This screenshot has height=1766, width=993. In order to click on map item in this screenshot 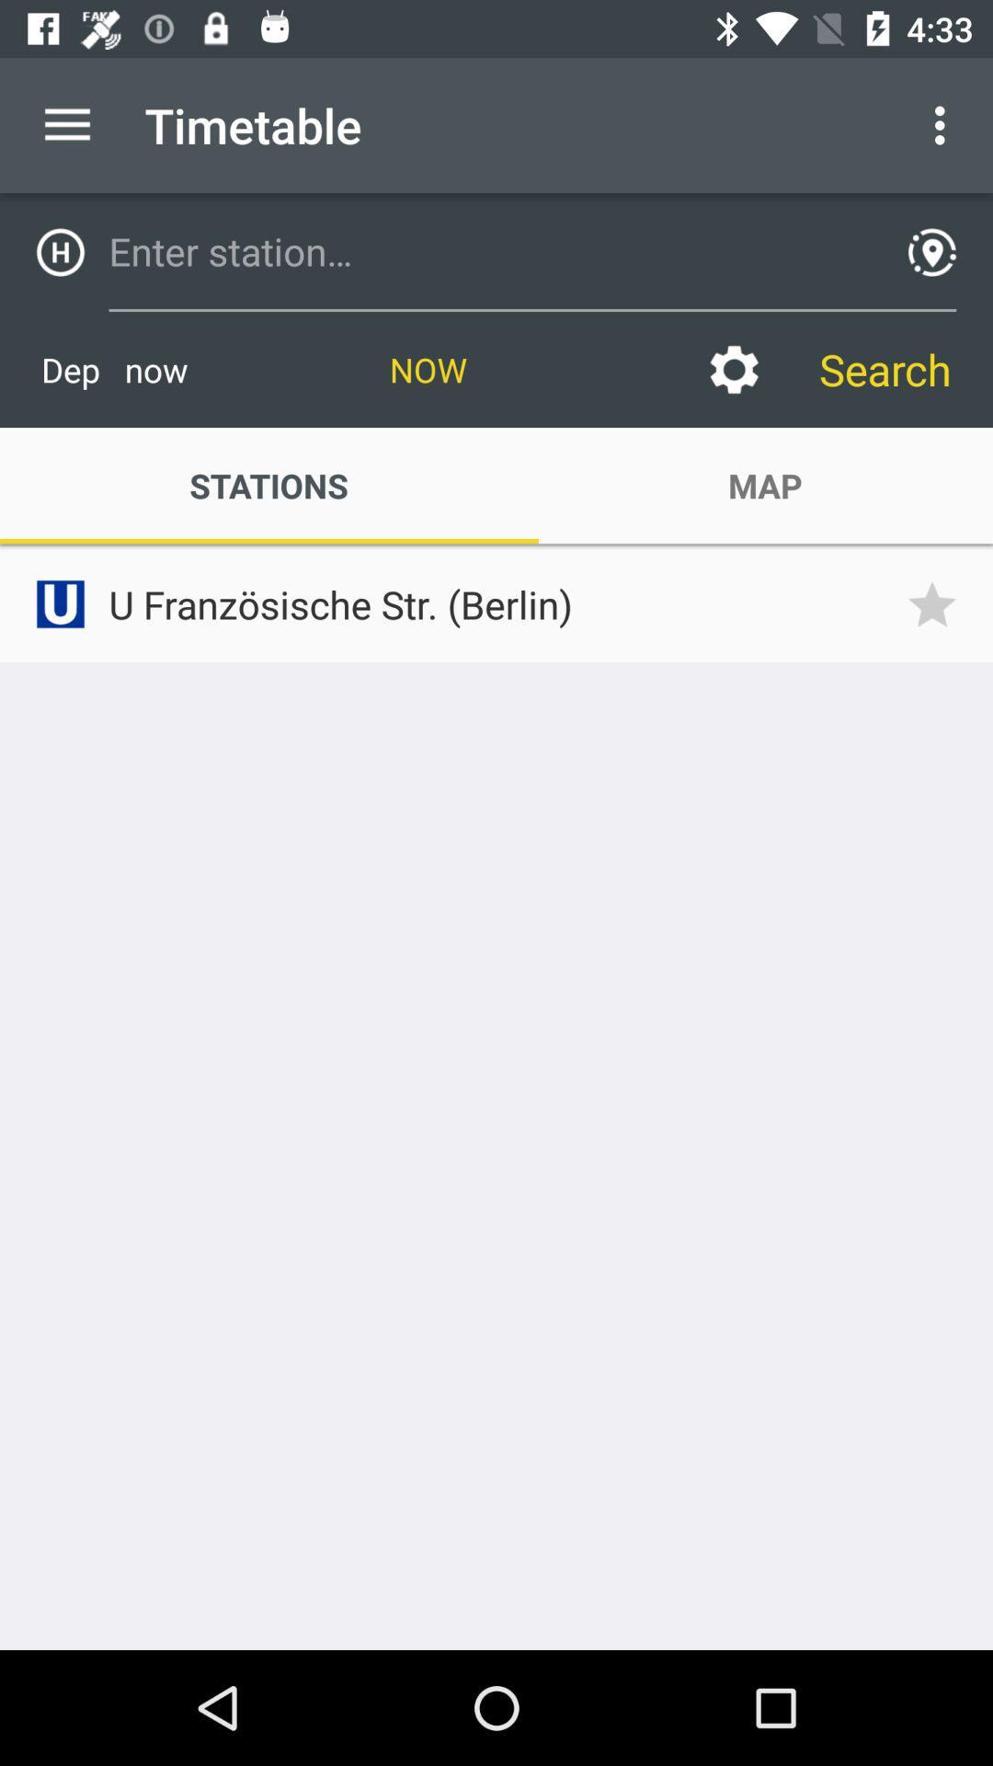, I will do `click(765, 486)`.